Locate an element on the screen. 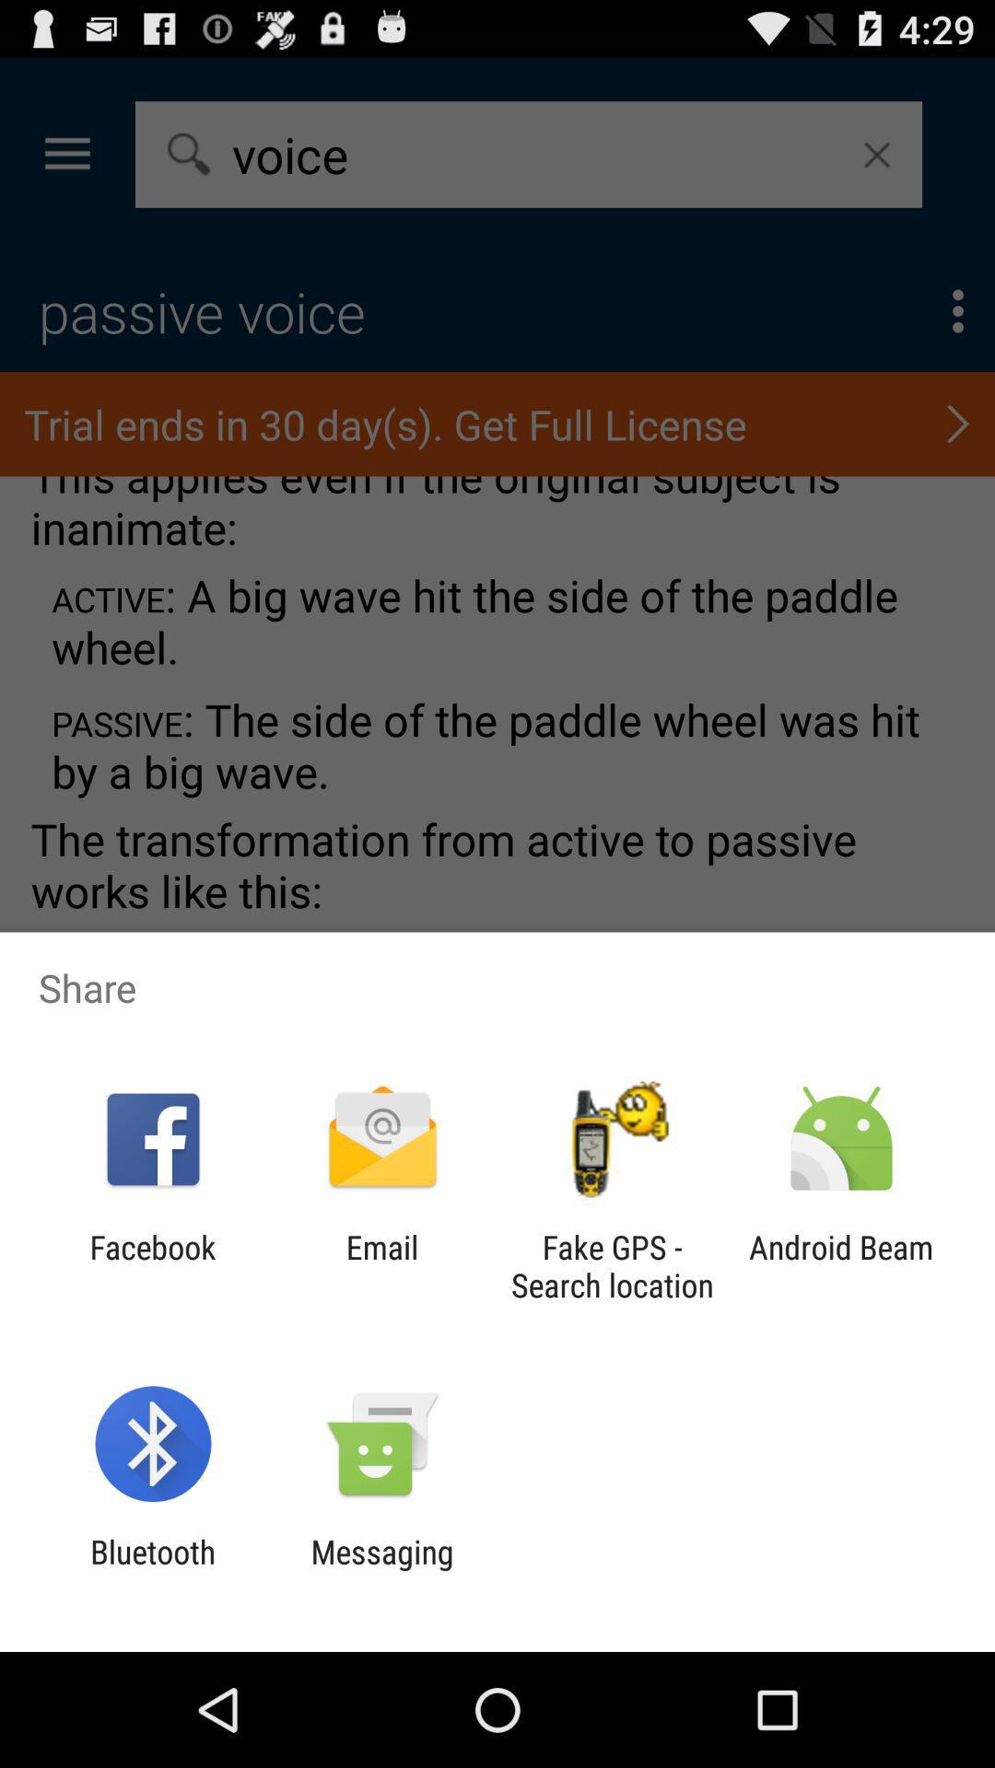 This screenshot has width=995, height=1768. fake gps search is located at coordinates (612, 1265).